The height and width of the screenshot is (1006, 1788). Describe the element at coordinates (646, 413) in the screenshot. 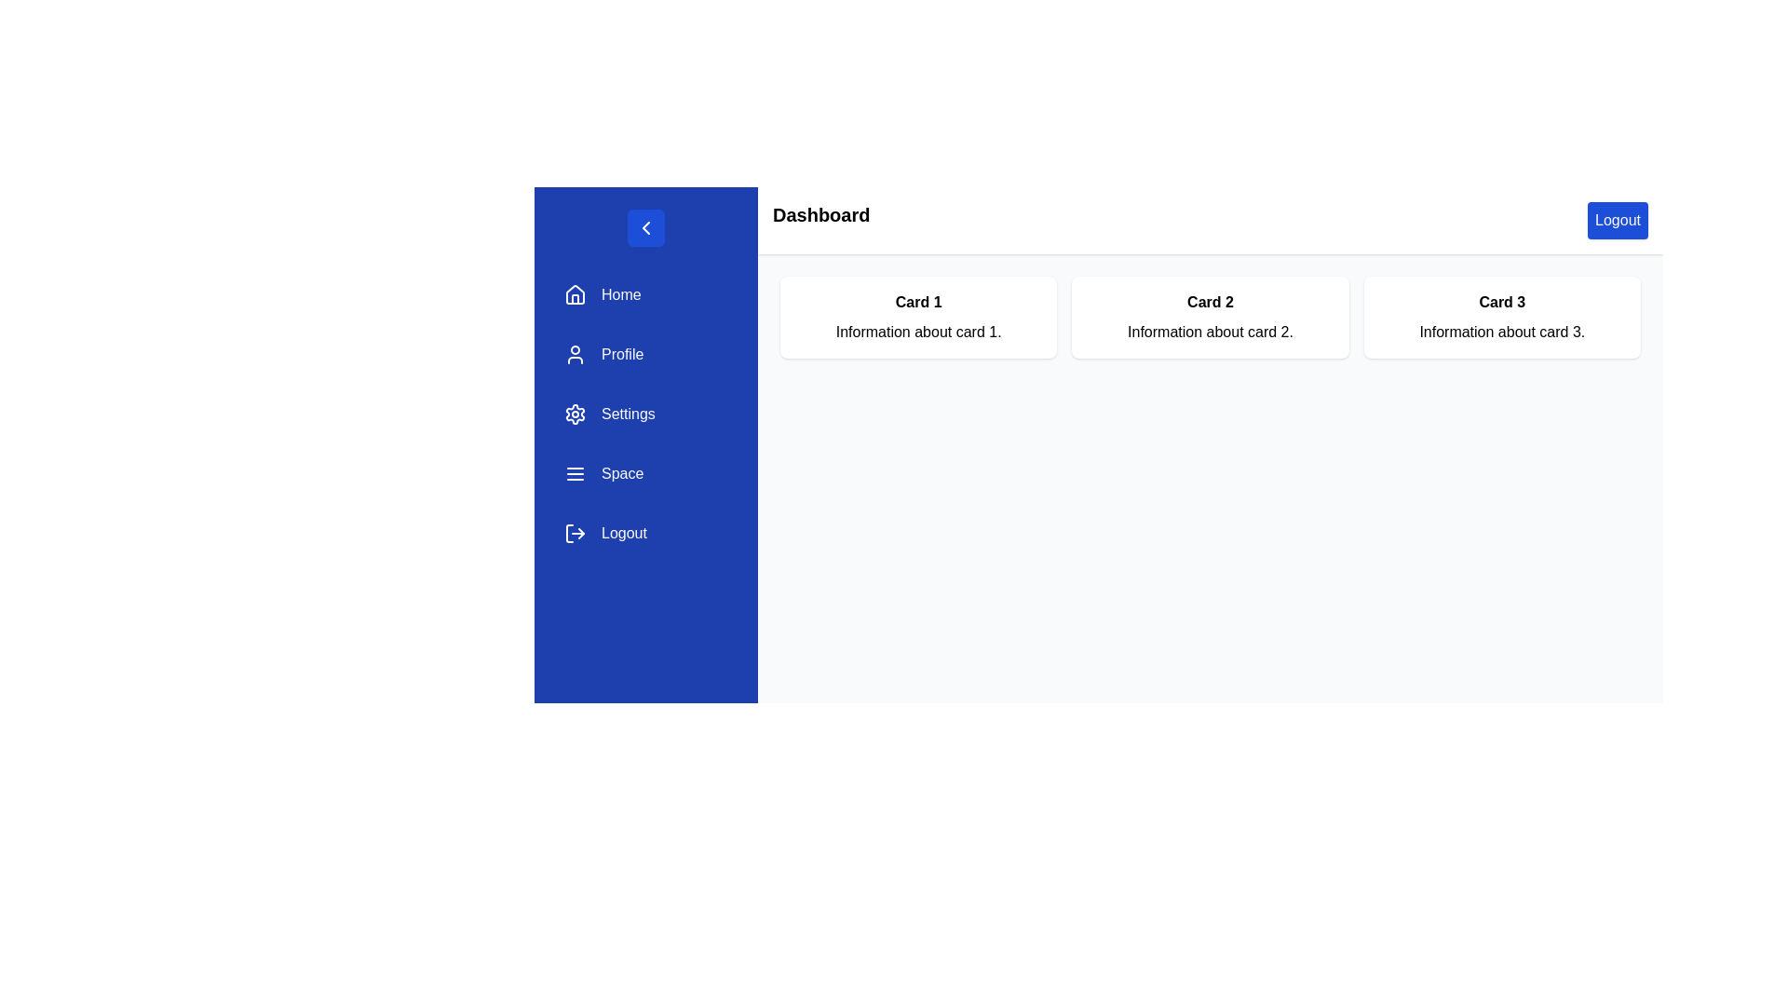

I see `the blue 'Settings' button with a cogwheel icon located in the vertical navigation panel, positioned between the 'Profile' and 'Space' buttons` at that location.